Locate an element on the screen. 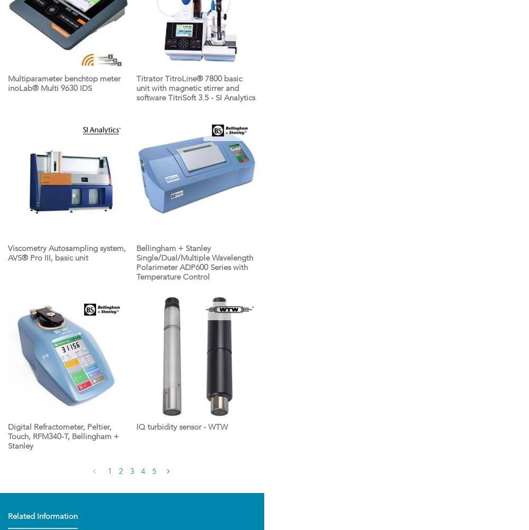  '3' is located at coordinates (132, 472).